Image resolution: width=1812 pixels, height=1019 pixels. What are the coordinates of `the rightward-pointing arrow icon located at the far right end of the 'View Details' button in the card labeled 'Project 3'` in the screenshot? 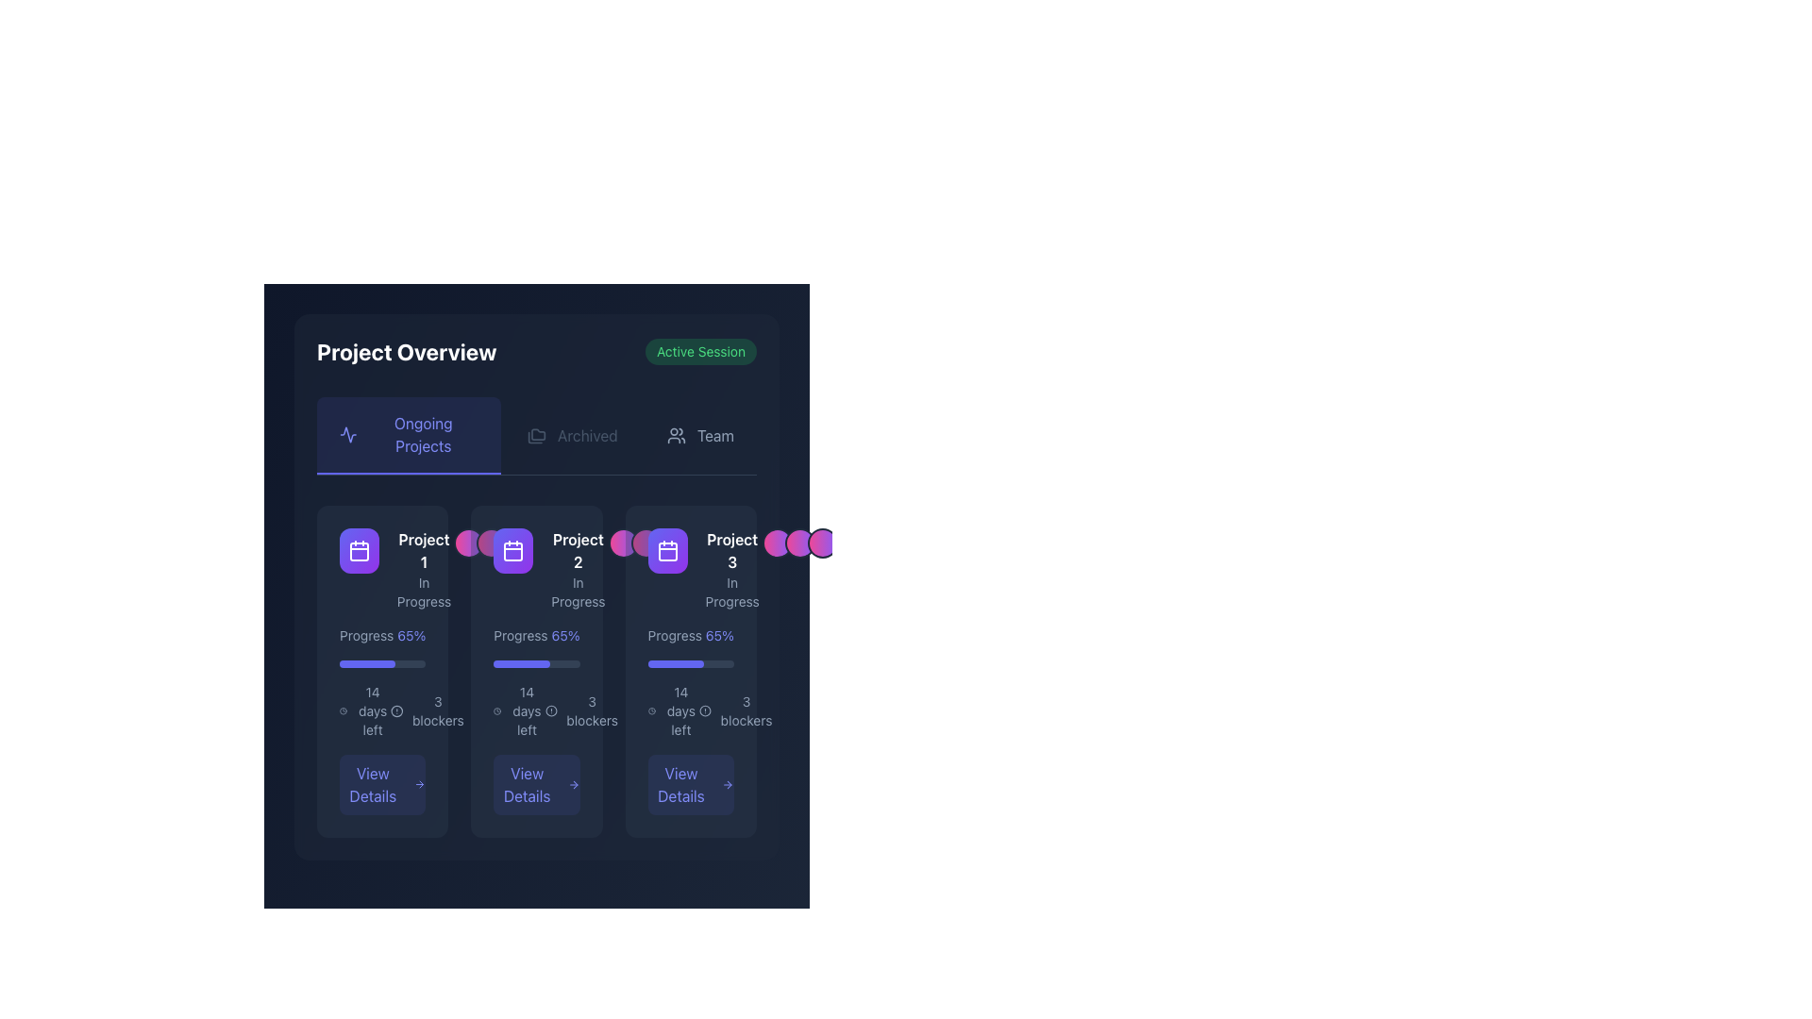 It's located at (727, 785).